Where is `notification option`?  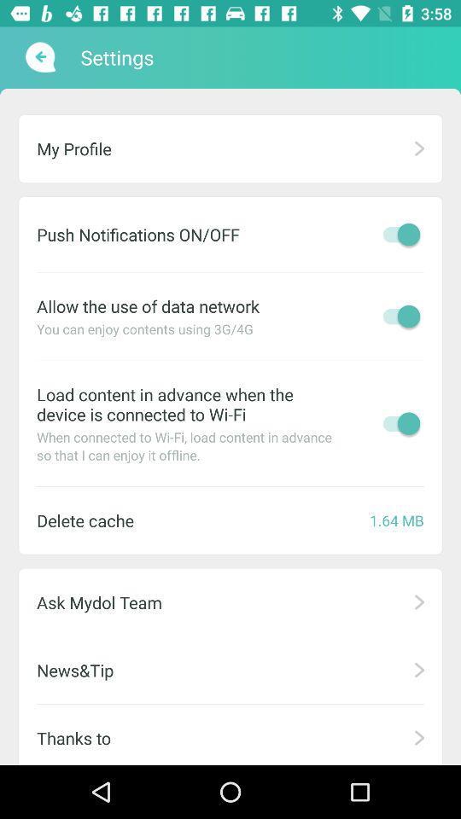
notification option is located at coordinates (397, 234).